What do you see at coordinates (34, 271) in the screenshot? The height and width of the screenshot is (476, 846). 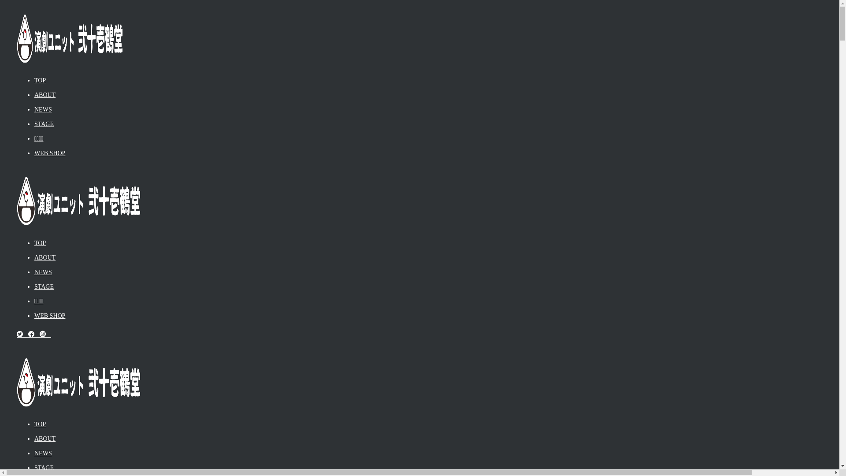 I see `'NEWS'` at bounding box center [34, 271].